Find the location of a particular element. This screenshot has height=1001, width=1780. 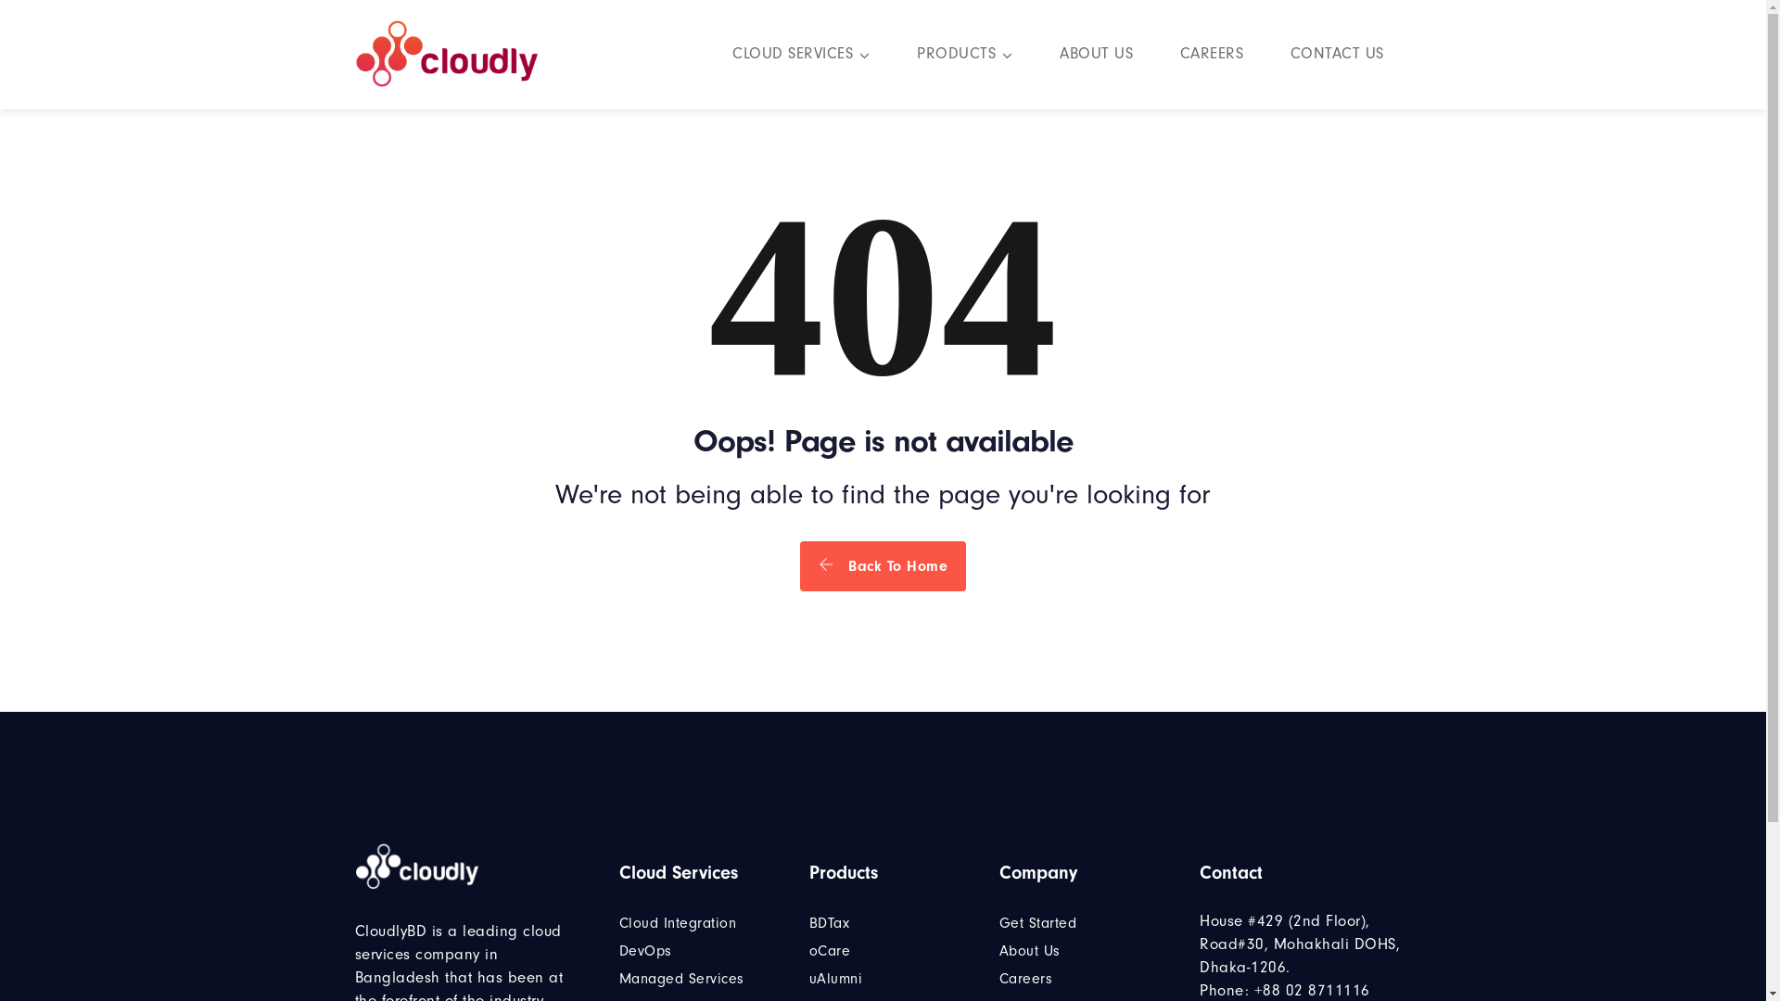

'Cloud Integration' is located at coordinates (618, 922).